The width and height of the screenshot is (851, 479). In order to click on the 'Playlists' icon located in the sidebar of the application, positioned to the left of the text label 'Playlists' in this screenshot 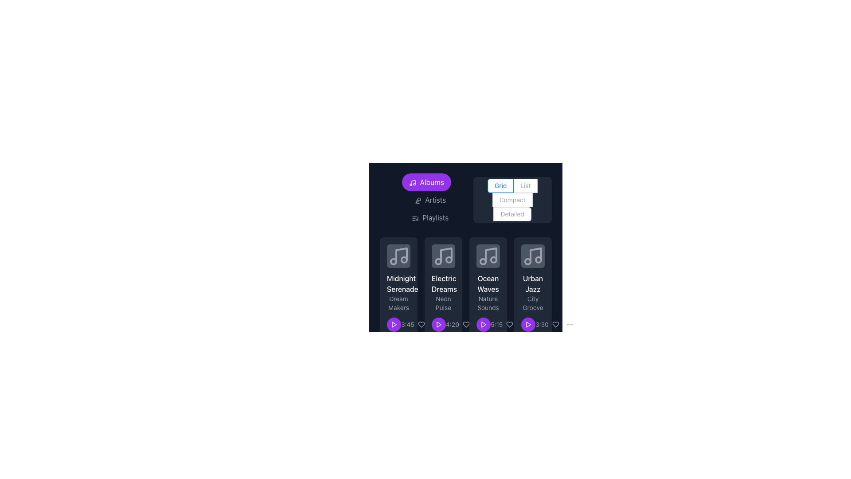, I will do `click(415, 218)`.